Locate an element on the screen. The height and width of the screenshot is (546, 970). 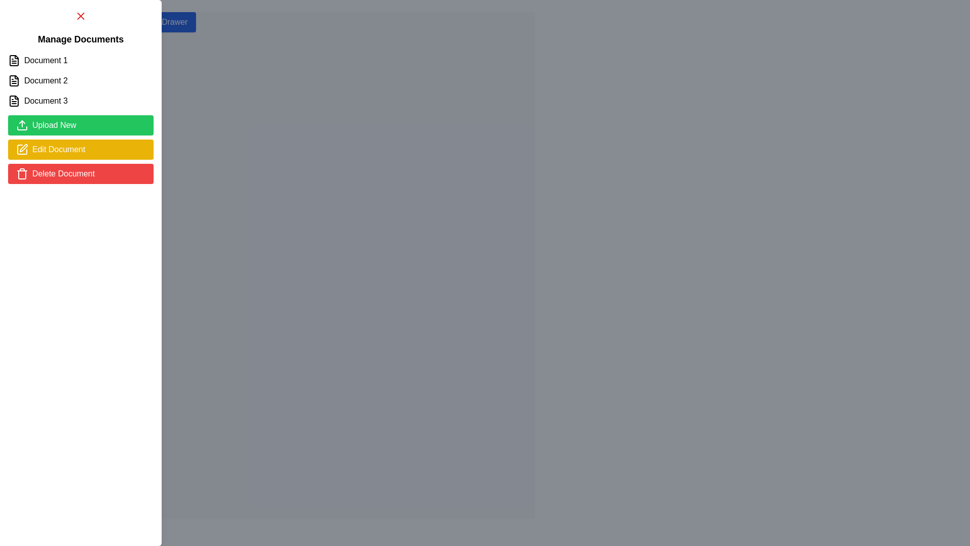
the 'X' icon in the top-left section of the sidebar that serves as a close or exit button is located at coordinates (80, 16).